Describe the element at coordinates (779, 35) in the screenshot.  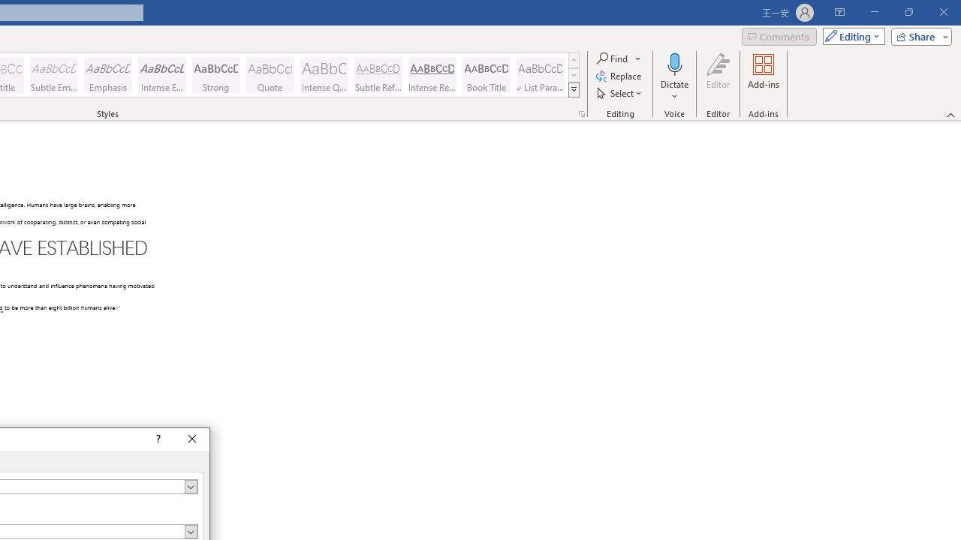
I see `'Comments'` at that location.